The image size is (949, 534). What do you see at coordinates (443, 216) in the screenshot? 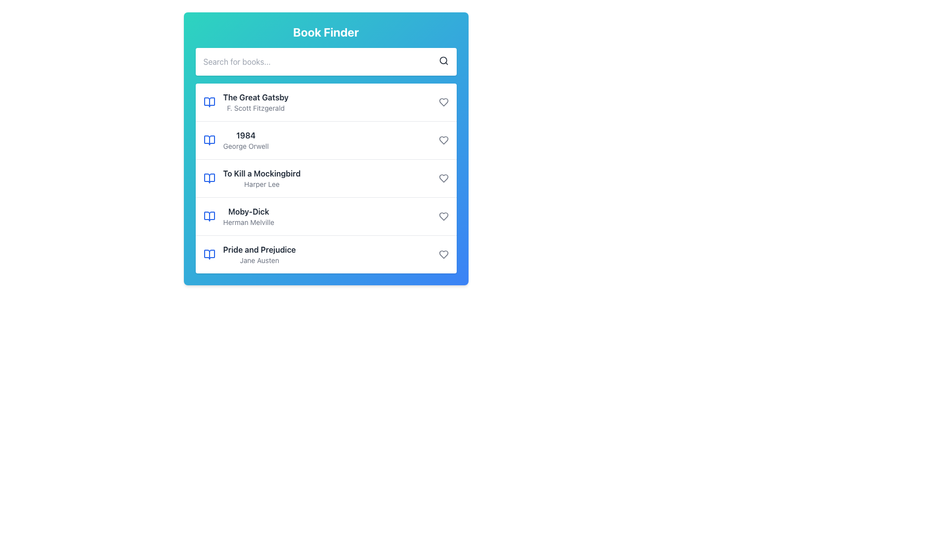
I see `the heart-shaped icon outlined in a thin stroke located in the right column of the fourth row, corresponding to 'Moby-Dick' by Herman Melville, to mark the item as favorite` at bounding box center [443, 216].